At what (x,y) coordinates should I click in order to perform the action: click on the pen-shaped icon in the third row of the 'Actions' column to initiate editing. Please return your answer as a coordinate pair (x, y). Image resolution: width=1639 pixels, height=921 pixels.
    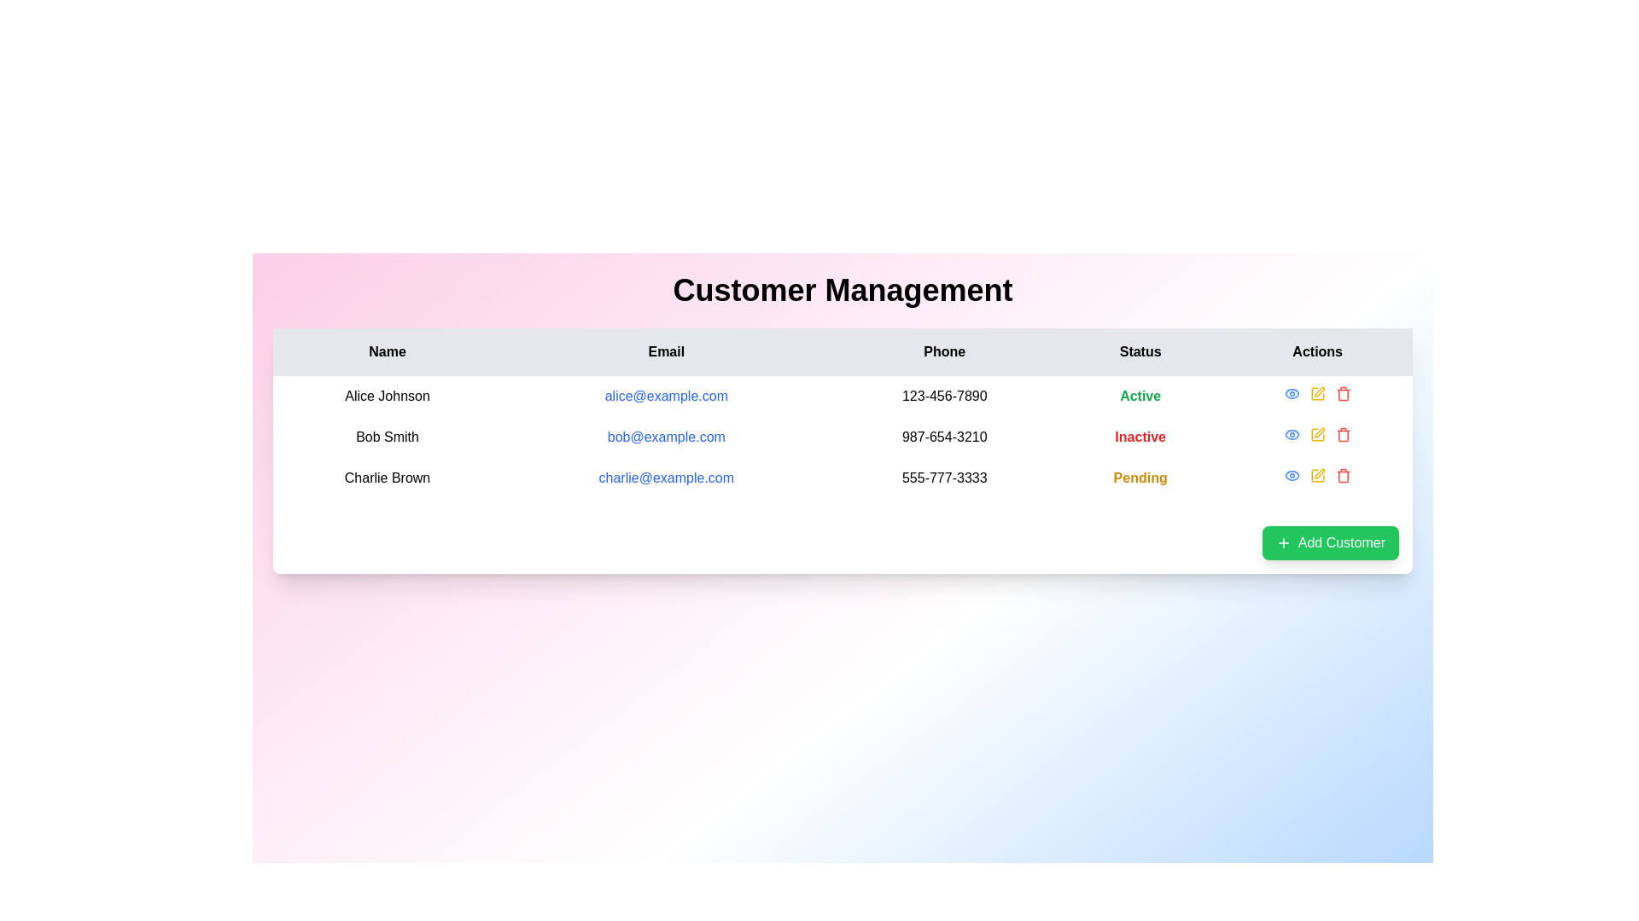
    Looking at the image, I should click on (1318, 473).